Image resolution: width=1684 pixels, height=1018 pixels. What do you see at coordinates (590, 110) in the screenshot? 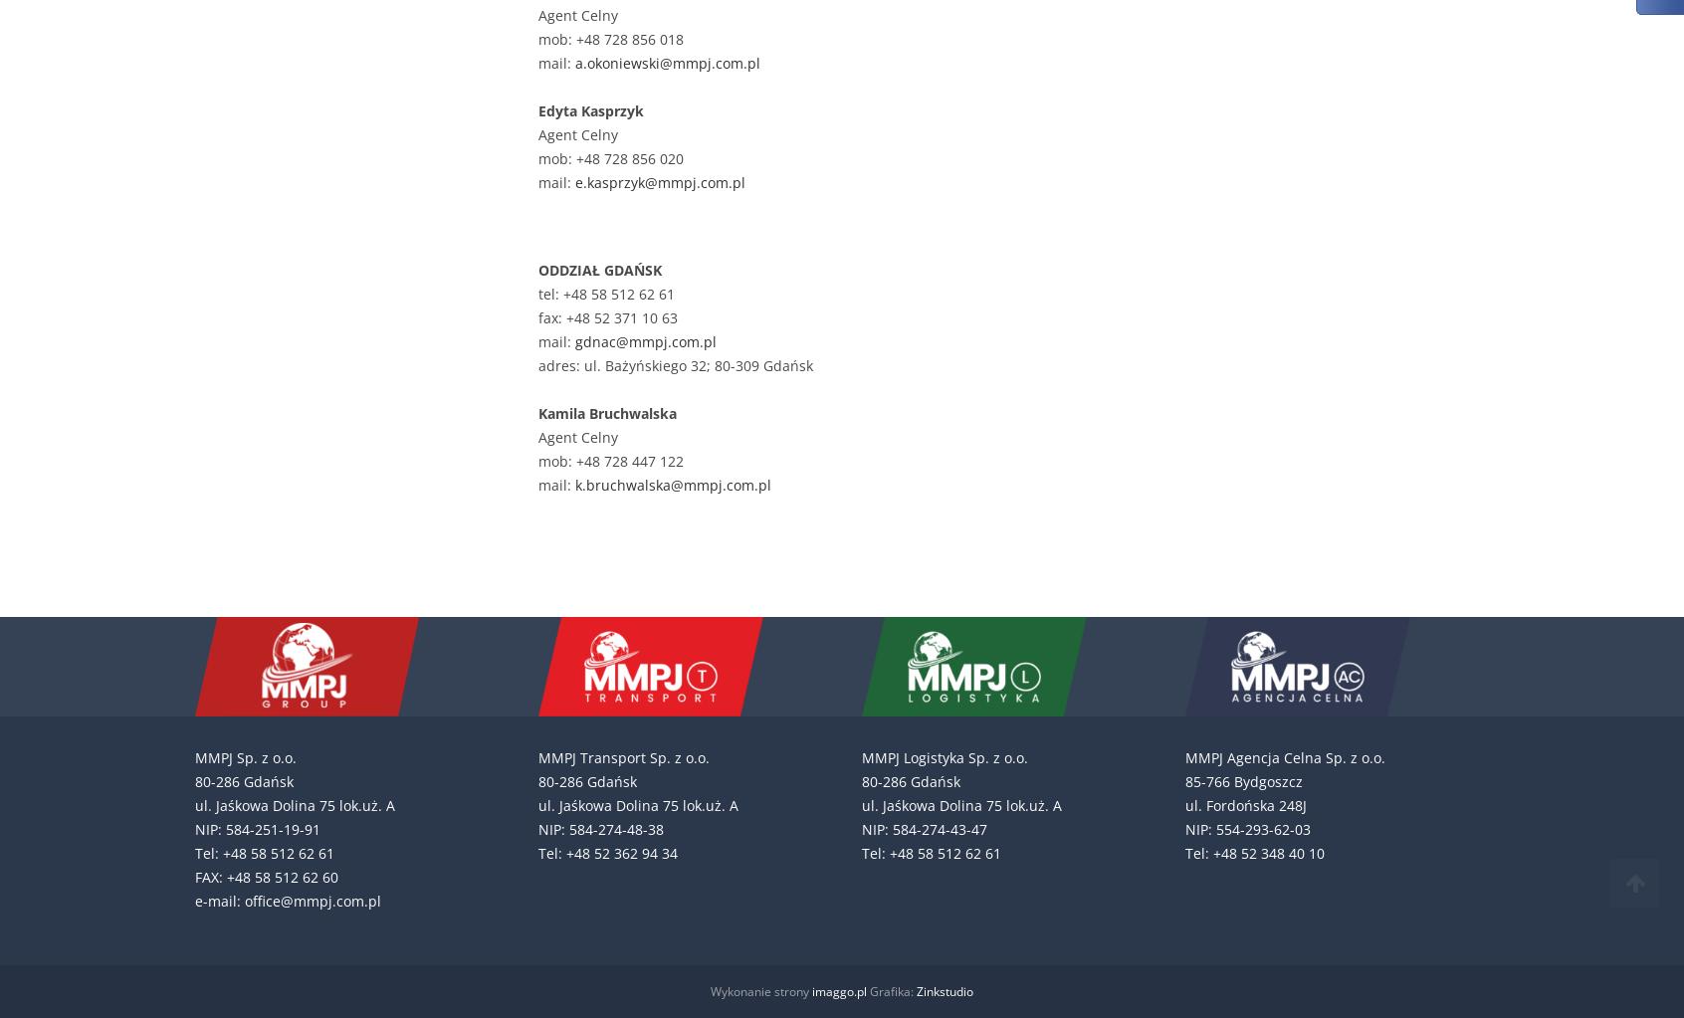
I see `'Edyta Kasprzyk'` at bounding box center [590, 110].